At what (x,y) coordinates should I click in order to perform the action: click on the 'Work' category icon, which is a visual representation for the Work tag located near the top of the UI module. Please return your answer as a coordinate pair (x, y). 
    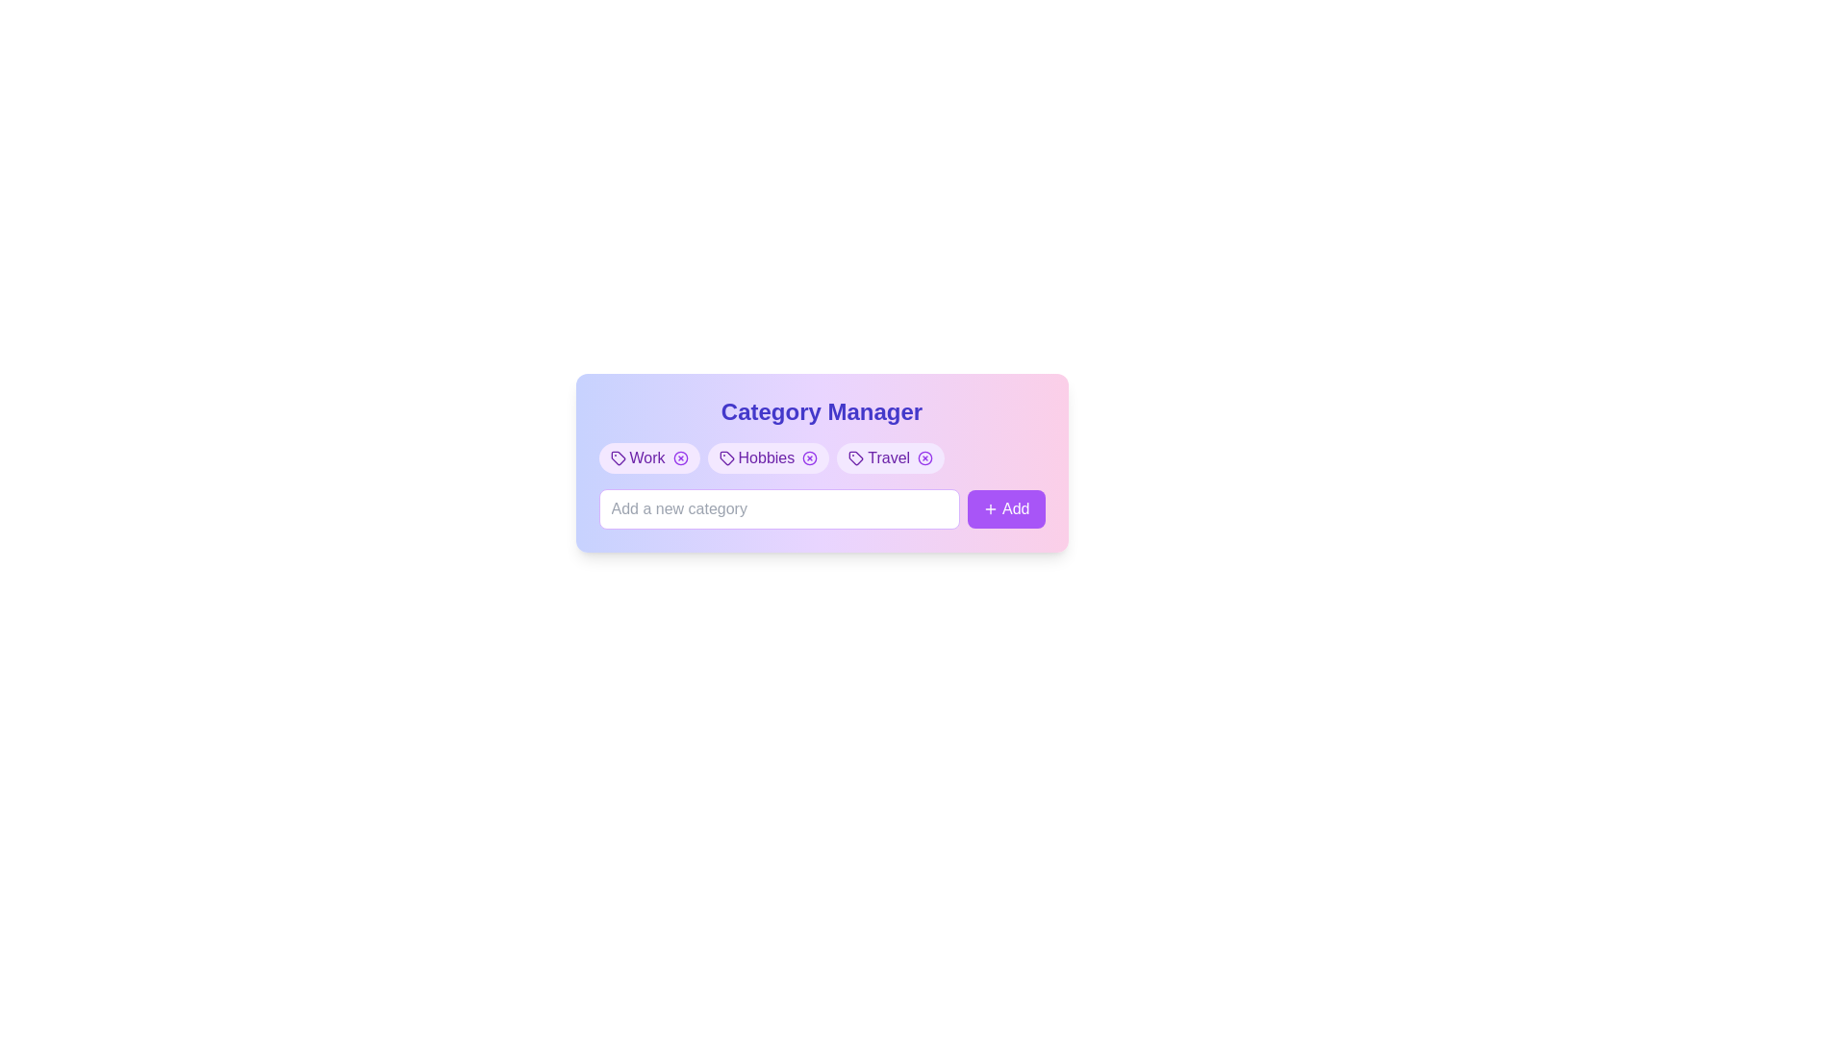
    Looking at the image, I should click on (618, 458).